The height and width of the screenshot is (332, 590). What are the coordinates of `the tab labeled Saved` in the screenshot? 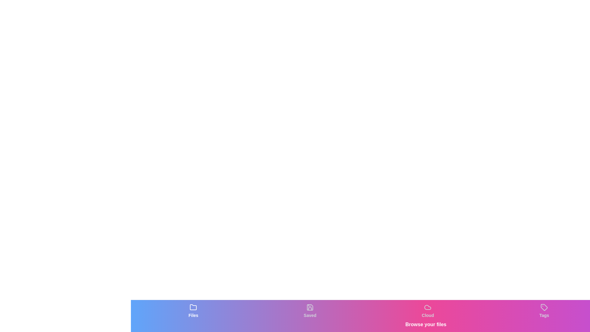 It's located at (310, 311).